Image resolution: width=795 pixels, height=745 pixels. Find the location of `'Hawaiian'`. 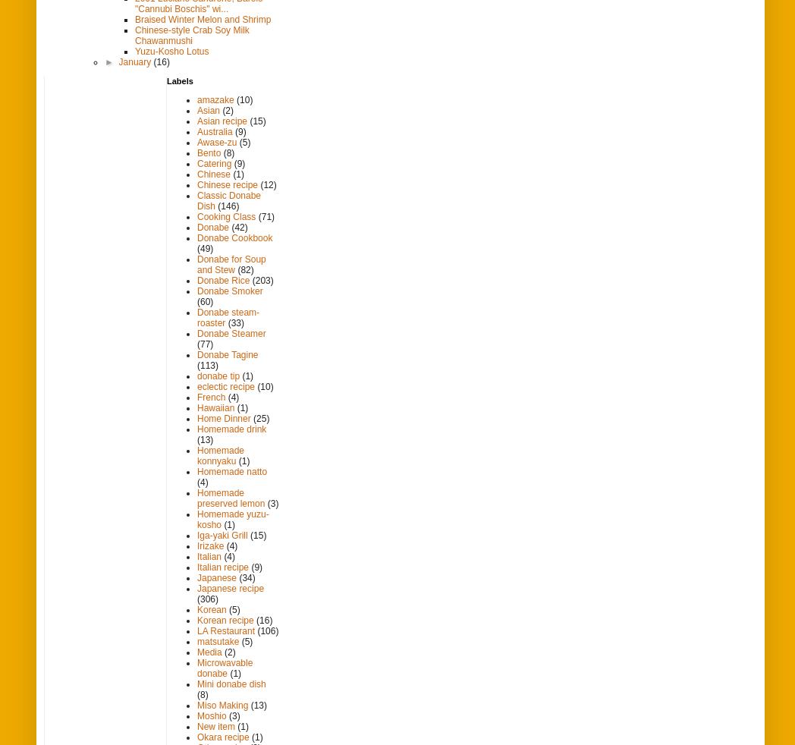

'Hawaiian' is located at coordinates (215, 407).